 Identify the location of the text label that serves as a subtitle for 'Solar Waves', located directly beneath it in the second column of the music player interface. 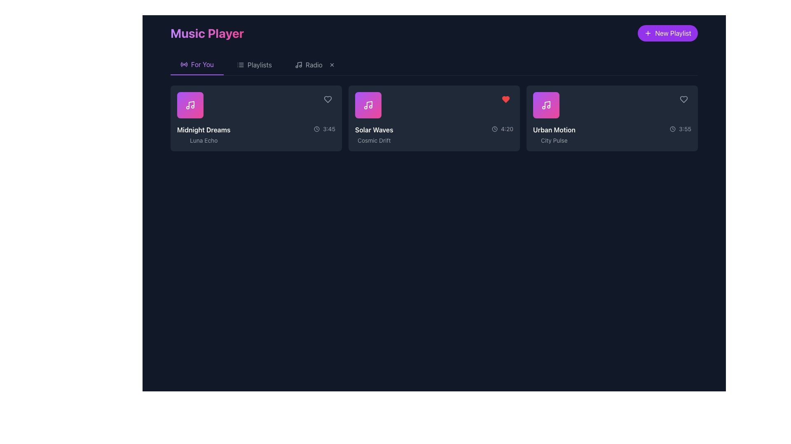
(374, 140).